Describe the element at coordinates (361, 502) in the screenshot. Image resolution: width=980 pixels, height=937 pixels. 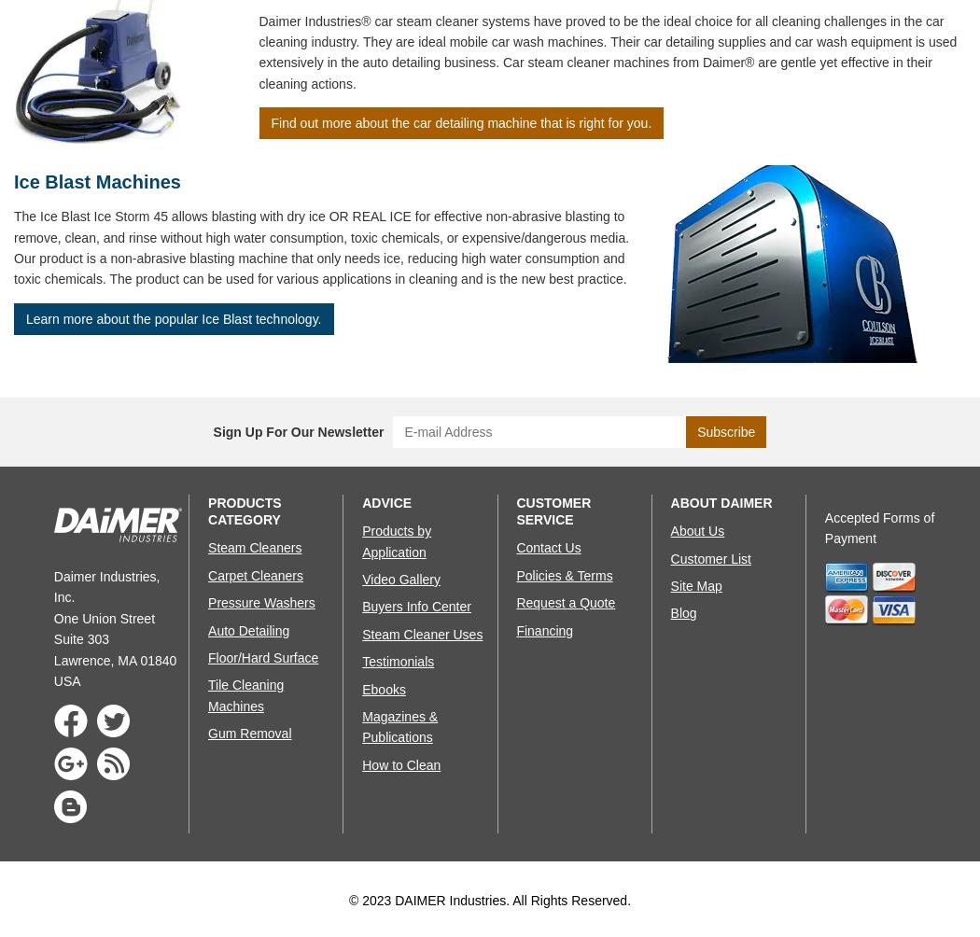
I see `'Advice'` at that location.